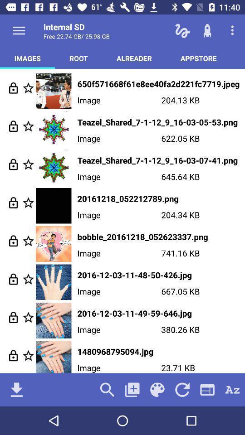 The image size is (245, 435). I want to click on mark as favorite, so click(28, 203).